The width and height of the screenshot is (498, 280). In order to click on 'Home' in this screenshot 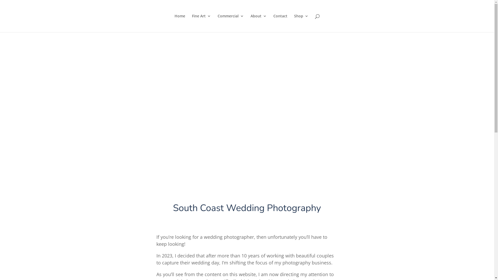, I will do `click(174, 23)`.